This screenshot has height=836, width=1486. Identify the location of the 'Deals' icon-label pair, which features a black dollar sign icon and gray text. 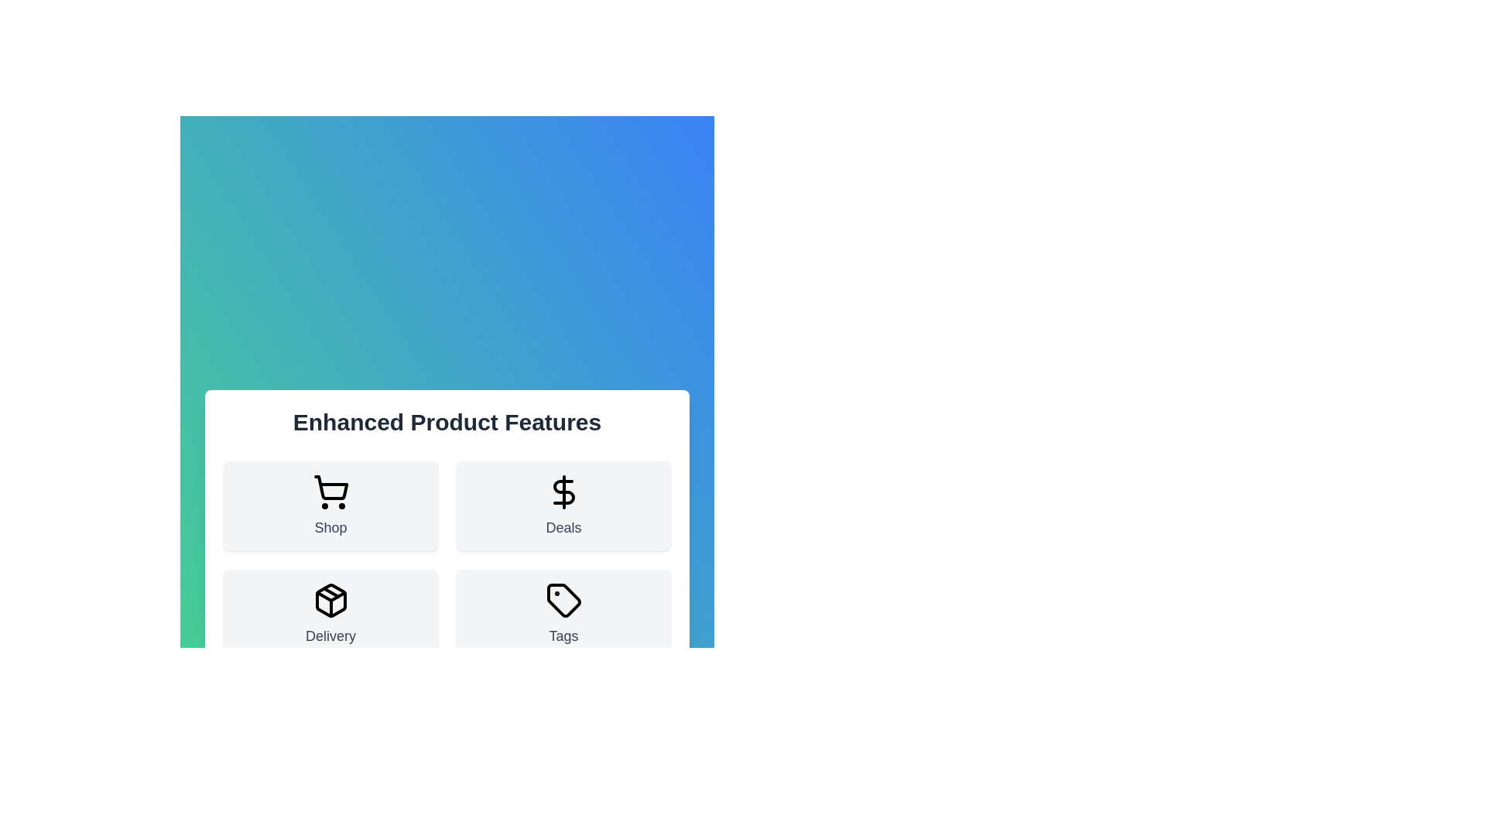
(563, 506).